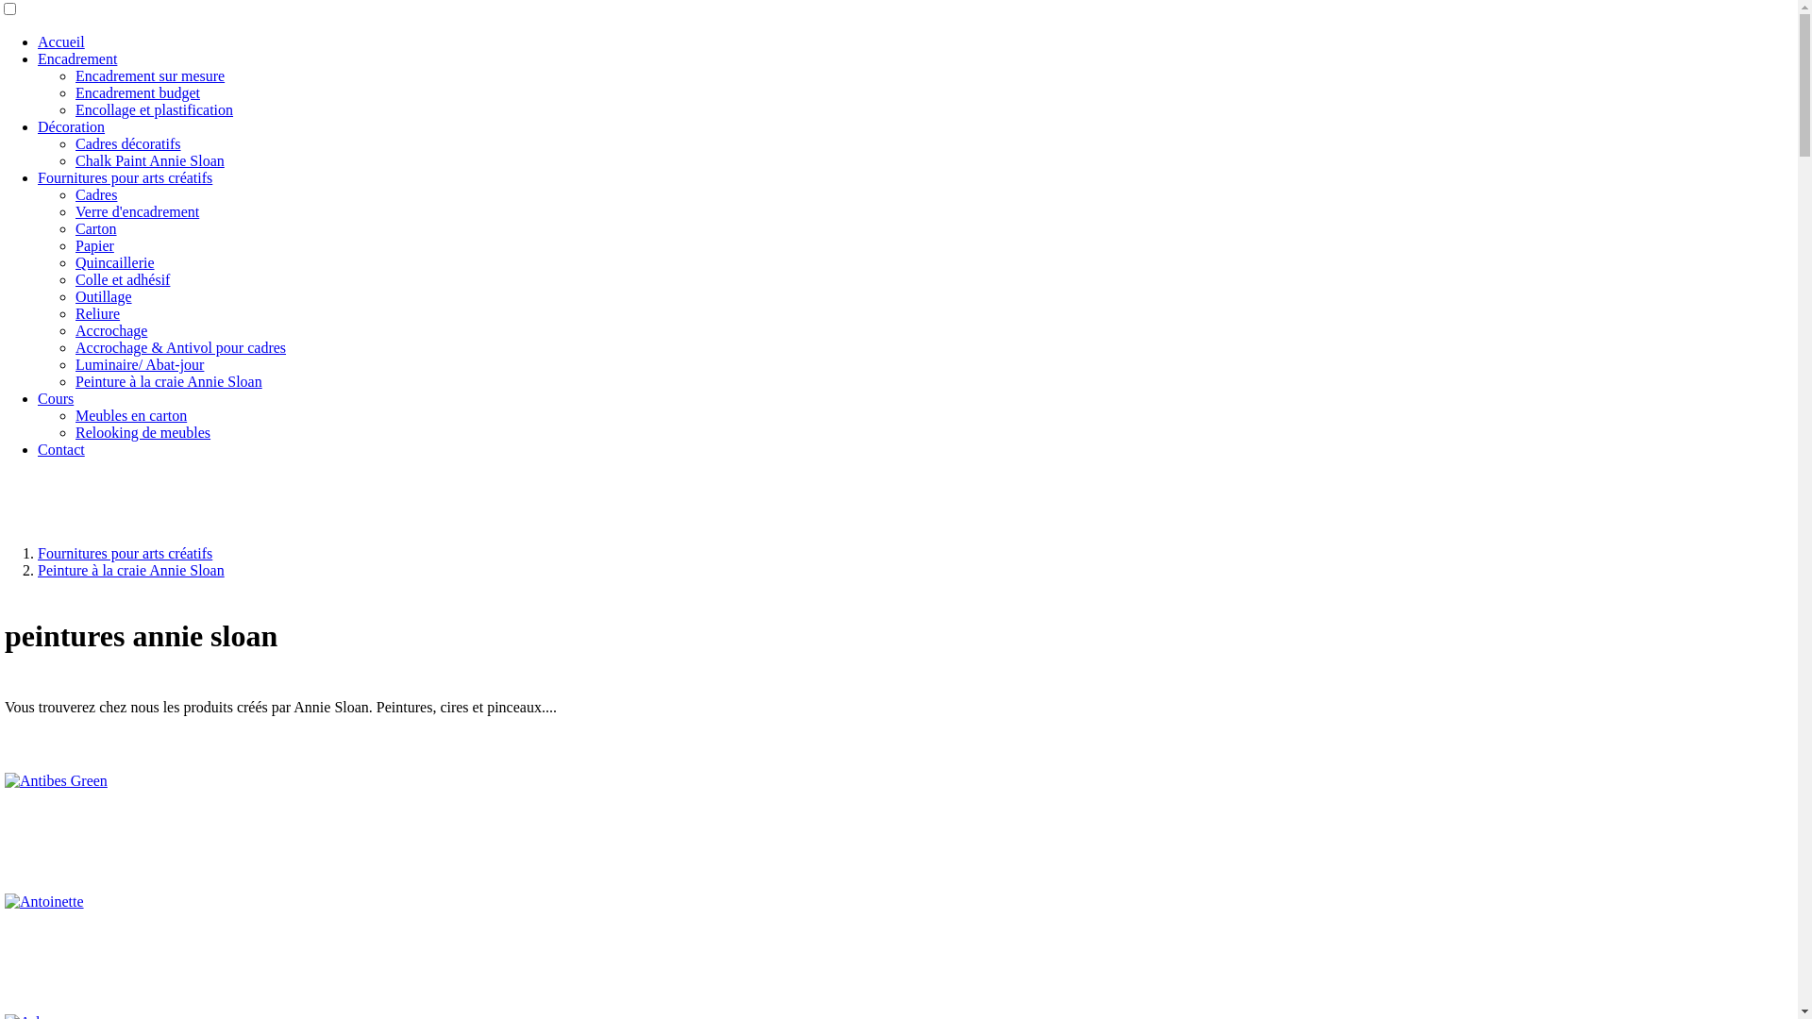 This screenshot has width=1812, height=1019. What do you see at coordinates (110, 329) in the screenshot?
I see `'Accrochage'` at bounding box center [110, 329].